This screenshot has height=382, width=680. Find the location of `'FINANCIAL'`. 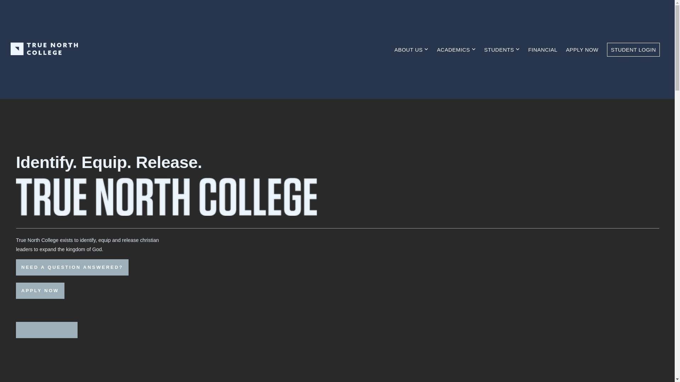

'FINANCIAL' is located at coordinates (525, 49).